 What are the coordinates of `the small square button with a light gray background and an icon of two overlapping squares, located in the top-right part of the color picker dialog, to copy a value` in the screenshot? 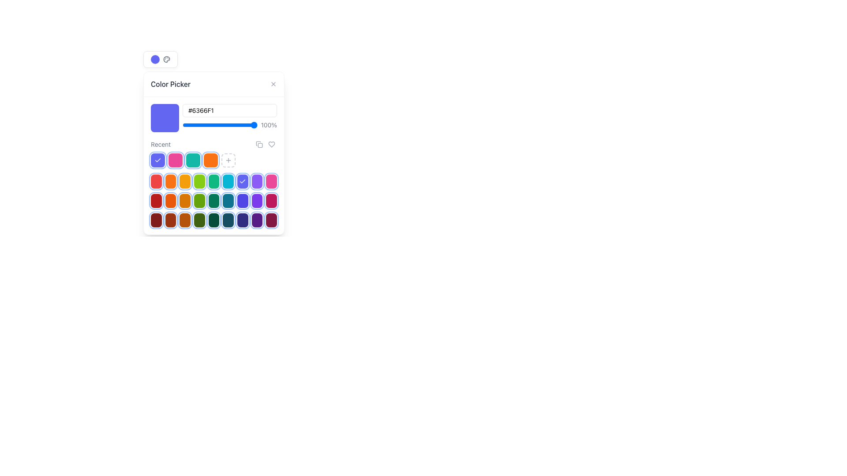 It's located at (259, 144).